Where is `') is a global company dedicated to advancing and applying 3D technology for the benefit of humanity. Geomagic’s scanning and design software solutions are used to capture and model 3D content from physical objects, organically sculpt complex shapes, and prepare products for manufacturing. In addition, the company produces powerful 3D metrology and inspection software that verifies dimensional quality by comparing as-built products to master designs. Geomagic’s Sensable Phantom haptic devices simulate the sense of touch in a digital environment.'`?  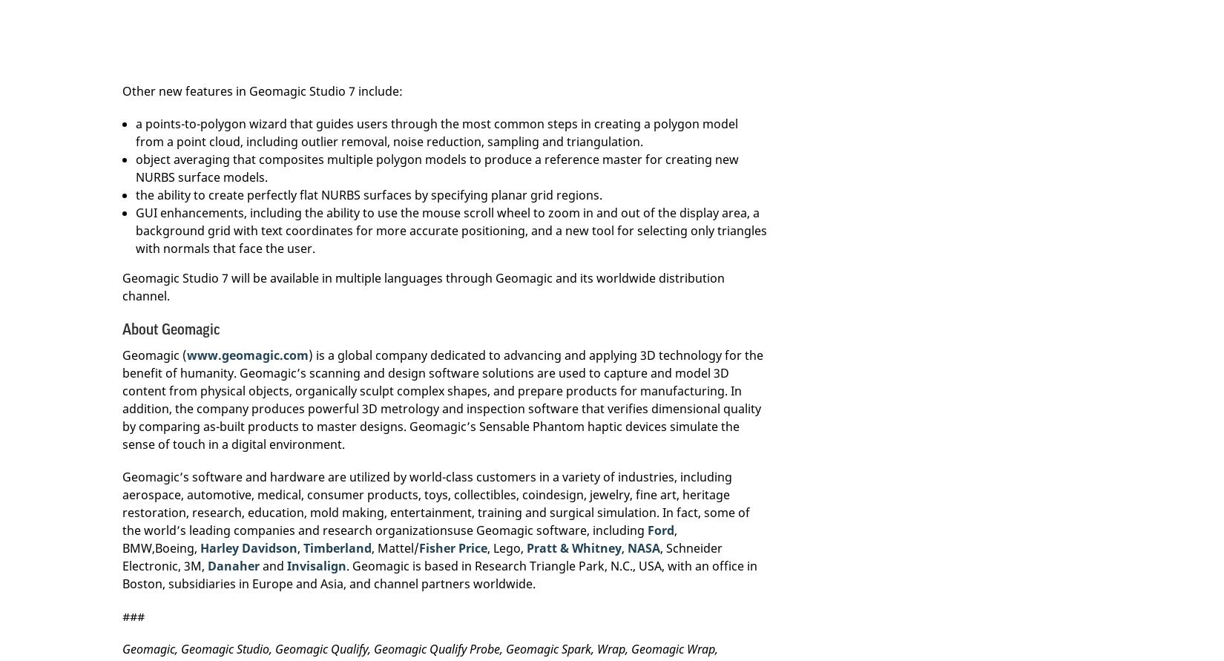
') is a global company dedicated to advancing and applying 3D technology for the benefit of humanity. Geomagic’s scanning and design software solutions are used to capture and model 3D content from physical objects, organically sculpt complex shapes, and prepare products for manufacturing. In addition, the company produces powerful 3D metrology and inspection software that verifies dimensional quality by comparing as-built products to master designs. Geomagic’s Sensable Phantom haptic devices simulate the sense of touch in a digital environment.' is located at coordinates (441, 399).